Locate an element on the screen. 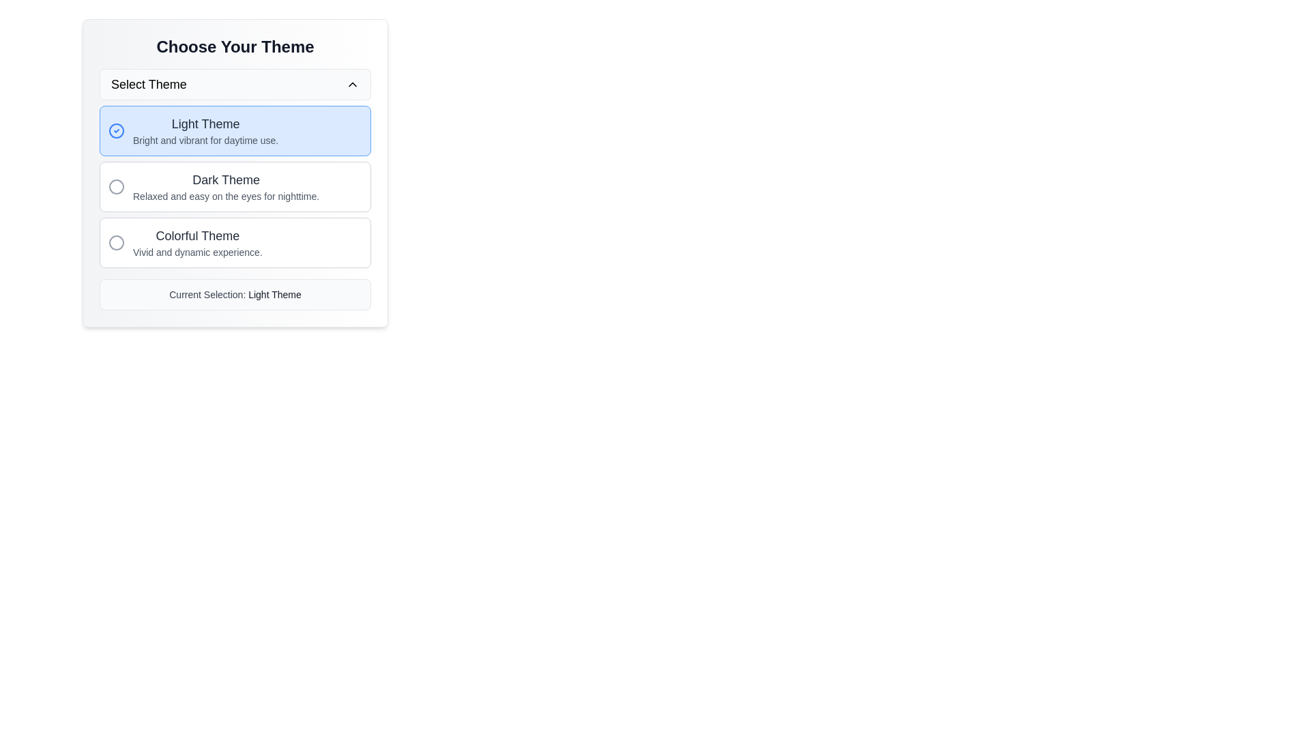 This screenshot has height=737, width=1310. the Informational display panel that shows the currently selected theme, located below the theme options list in the 'Choose Your Theme' section is located at coordinates (235, 294).